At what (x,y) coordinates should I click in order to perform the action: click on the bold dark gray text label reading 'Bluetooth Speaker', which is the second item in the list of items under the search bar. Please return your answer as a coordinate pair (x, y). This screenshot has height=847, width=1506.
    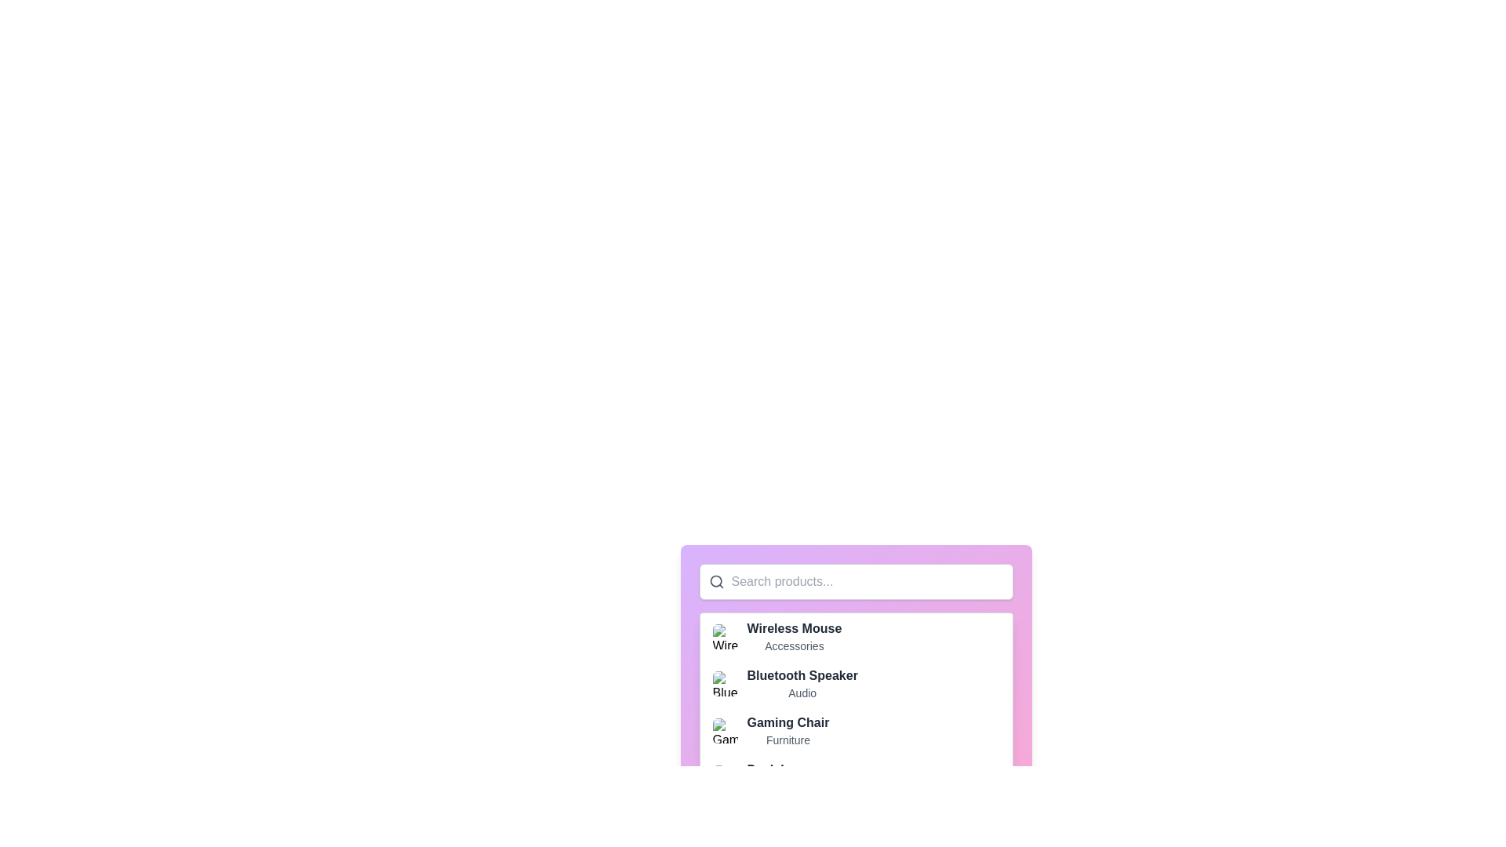
    Looking at the image, I should click on (802, 674).